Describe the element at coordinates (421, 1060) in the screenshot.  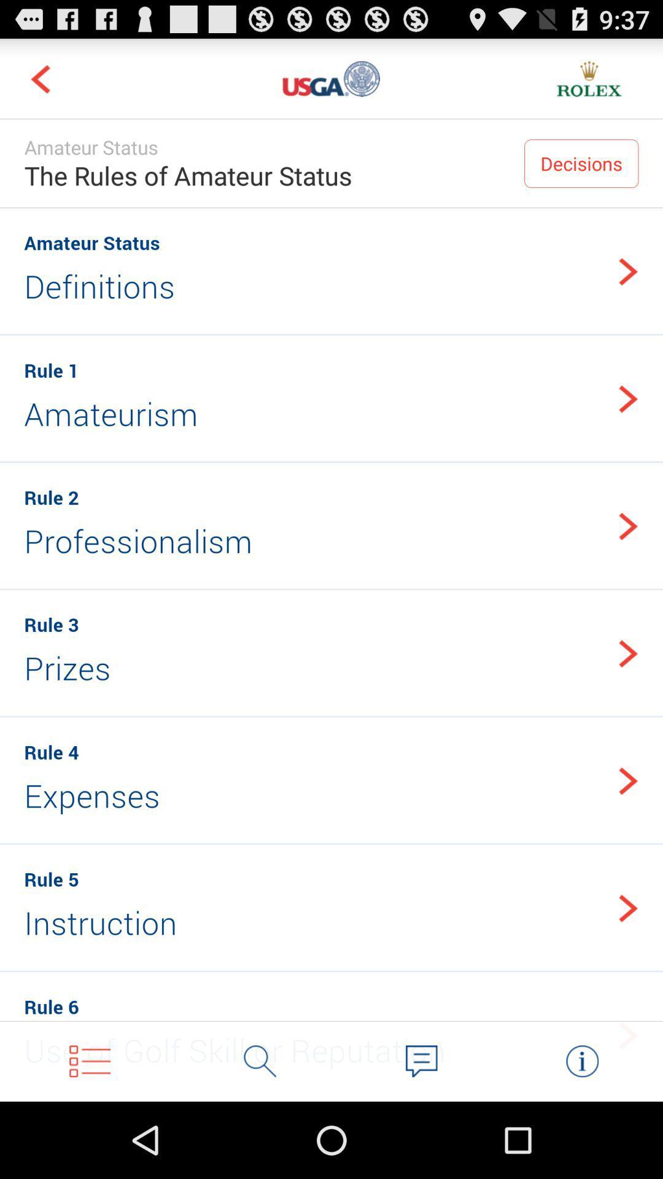
I see `messages` at that location.